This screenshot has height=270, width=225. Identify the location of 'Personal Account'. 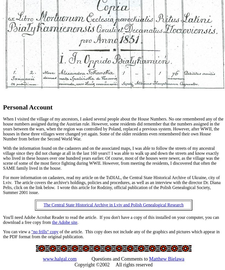
(27, 107).